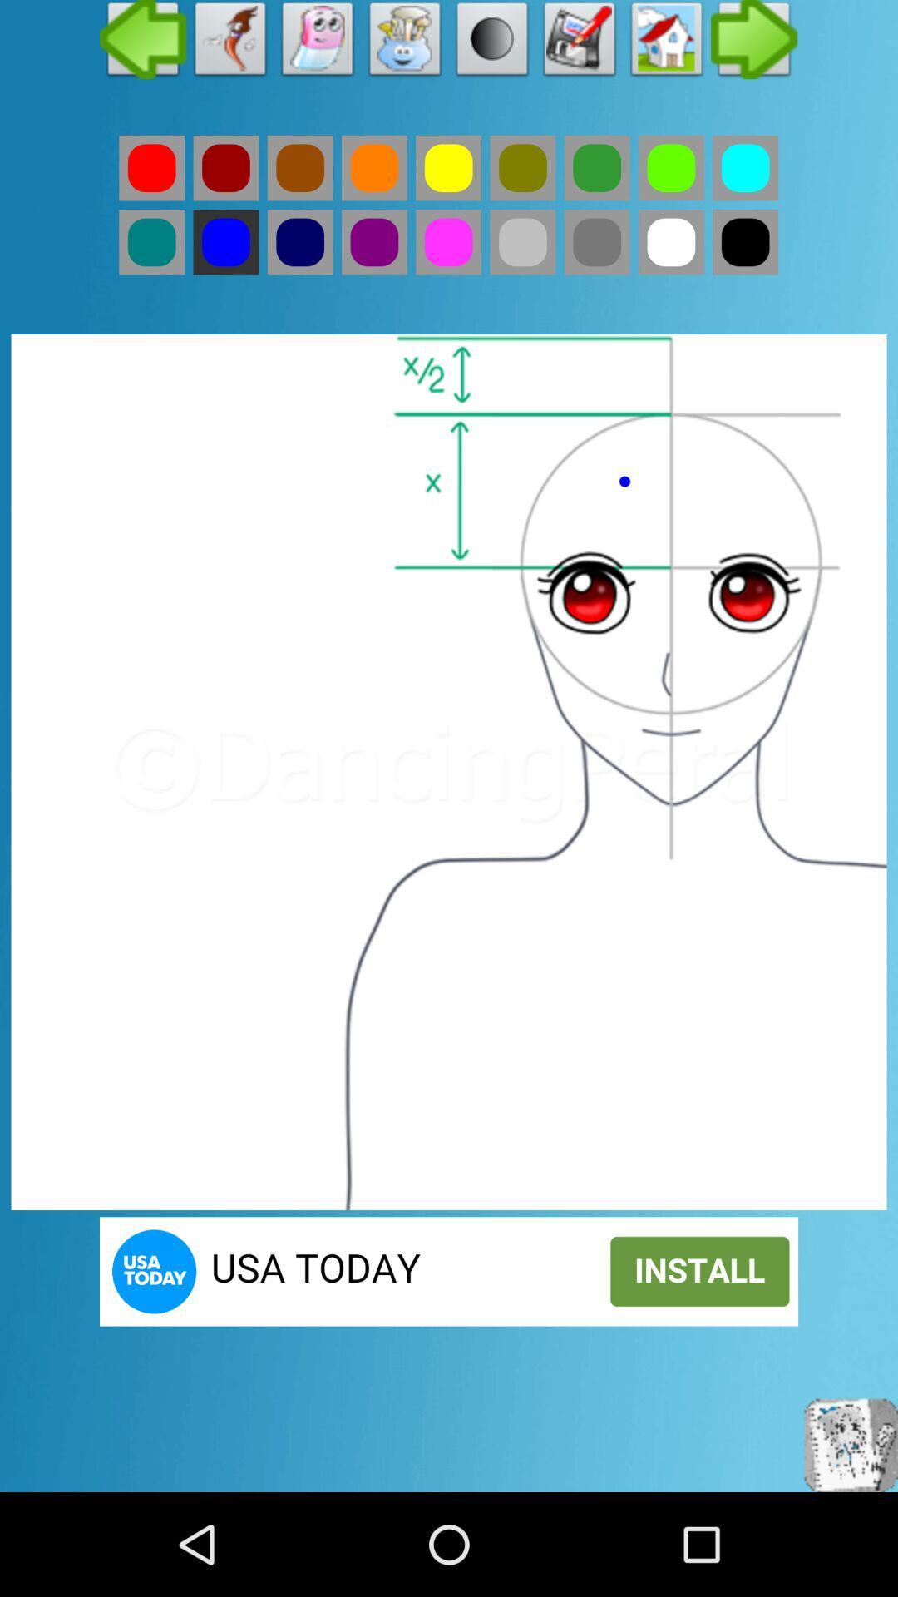 This screenshot has width=898, height=1597. I want to click on color light grey, so click(521, 241).